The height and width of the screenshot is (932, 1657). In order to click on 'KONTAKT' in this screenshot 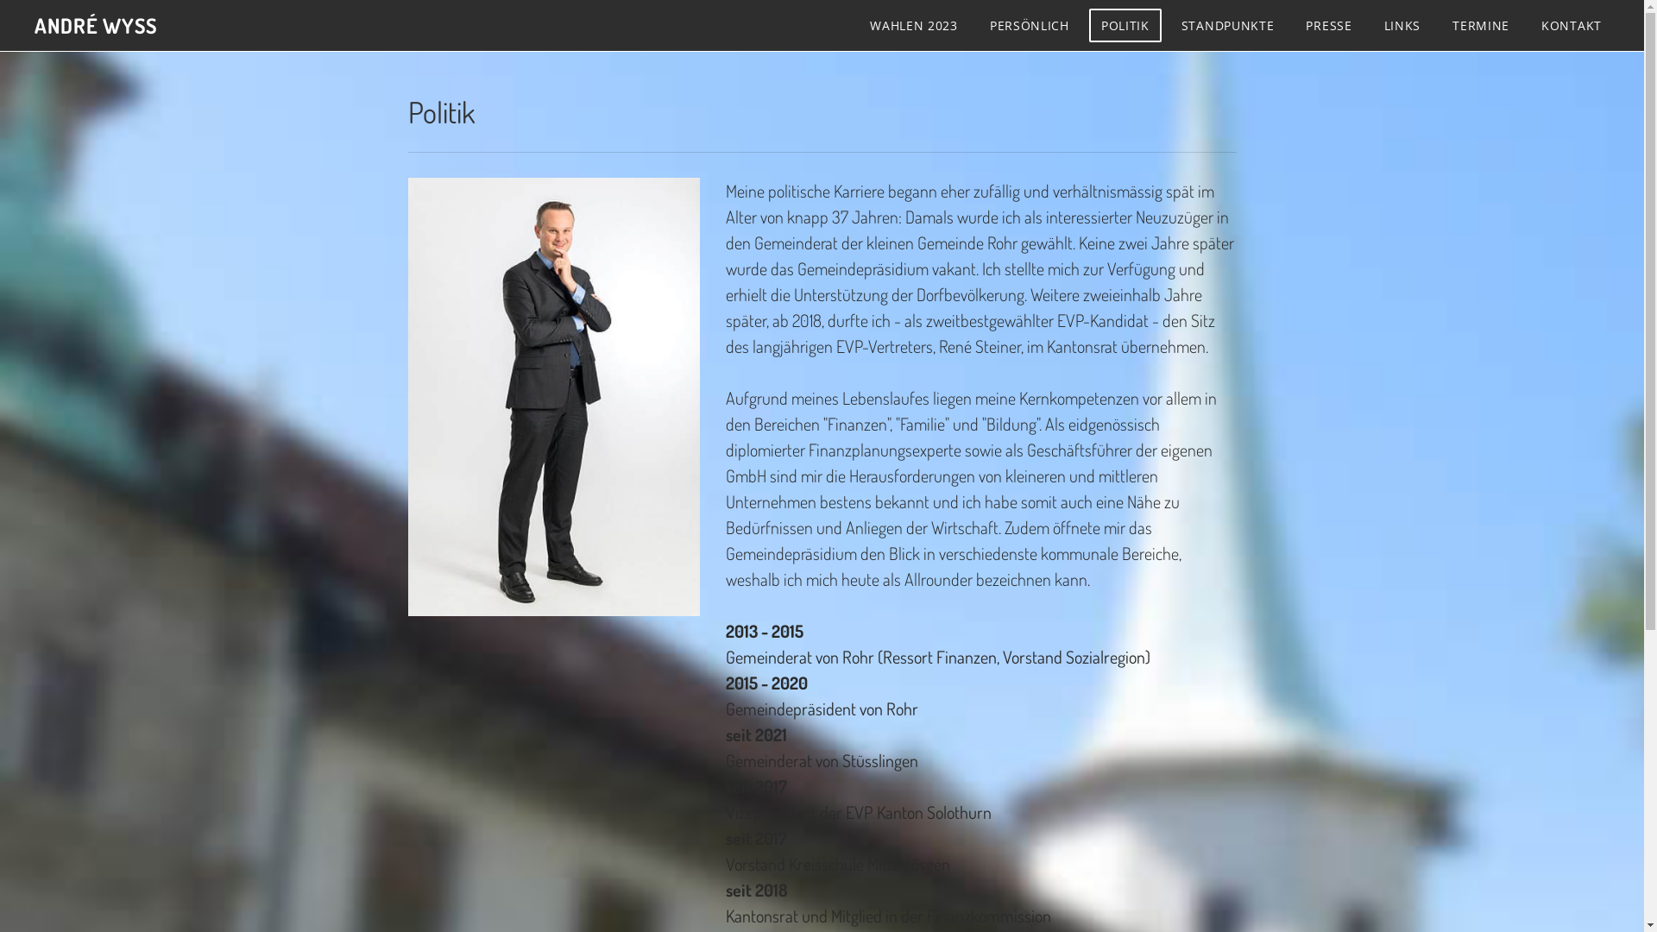, I will do `click(1571, 25)`.